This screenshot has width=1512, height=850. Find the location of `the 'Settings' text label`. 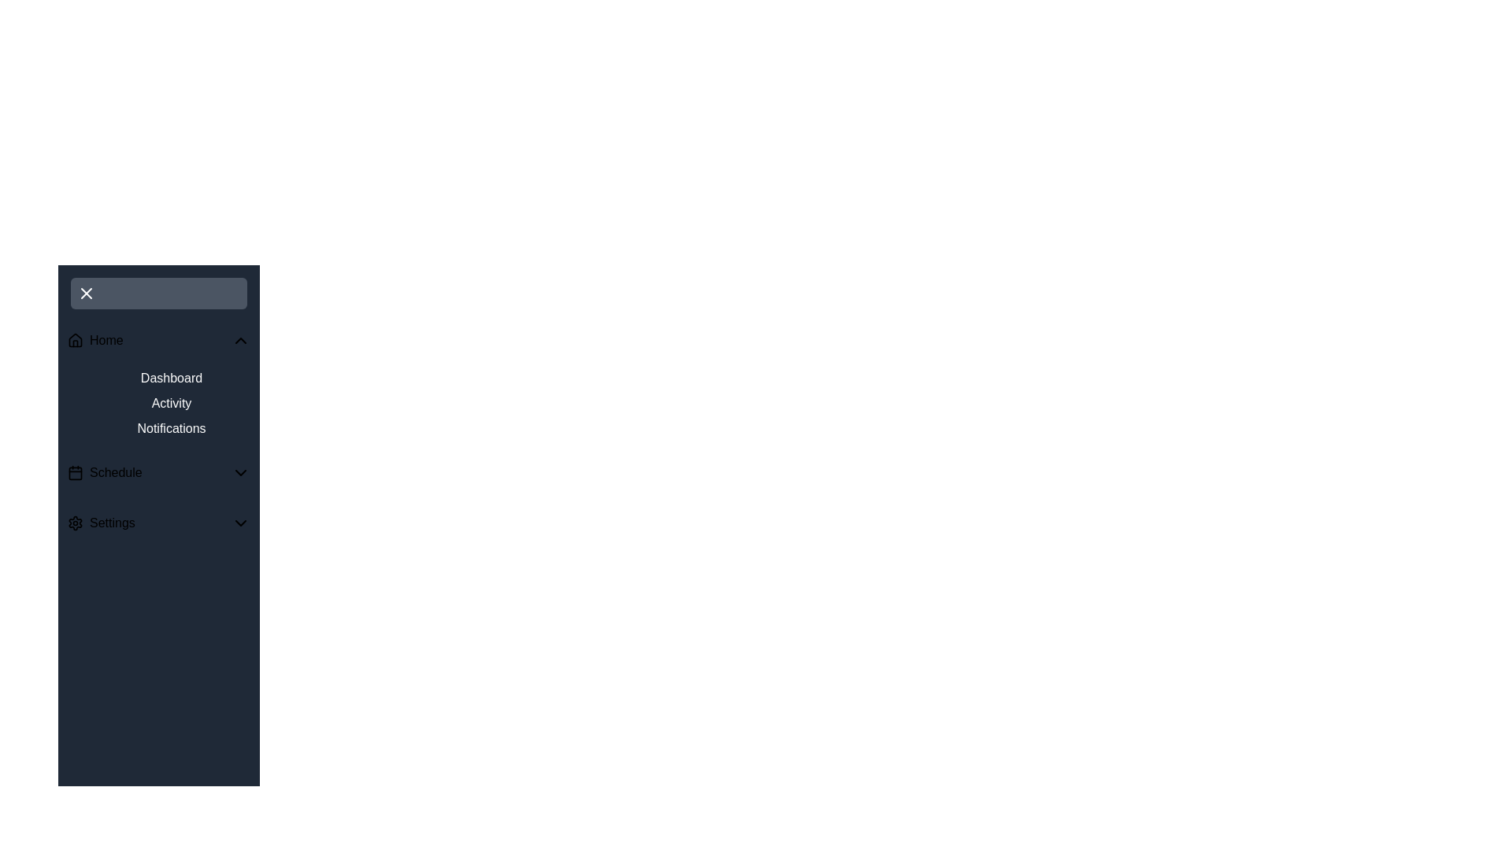

the 'Settings' text label is located at coordinates (111, 523).